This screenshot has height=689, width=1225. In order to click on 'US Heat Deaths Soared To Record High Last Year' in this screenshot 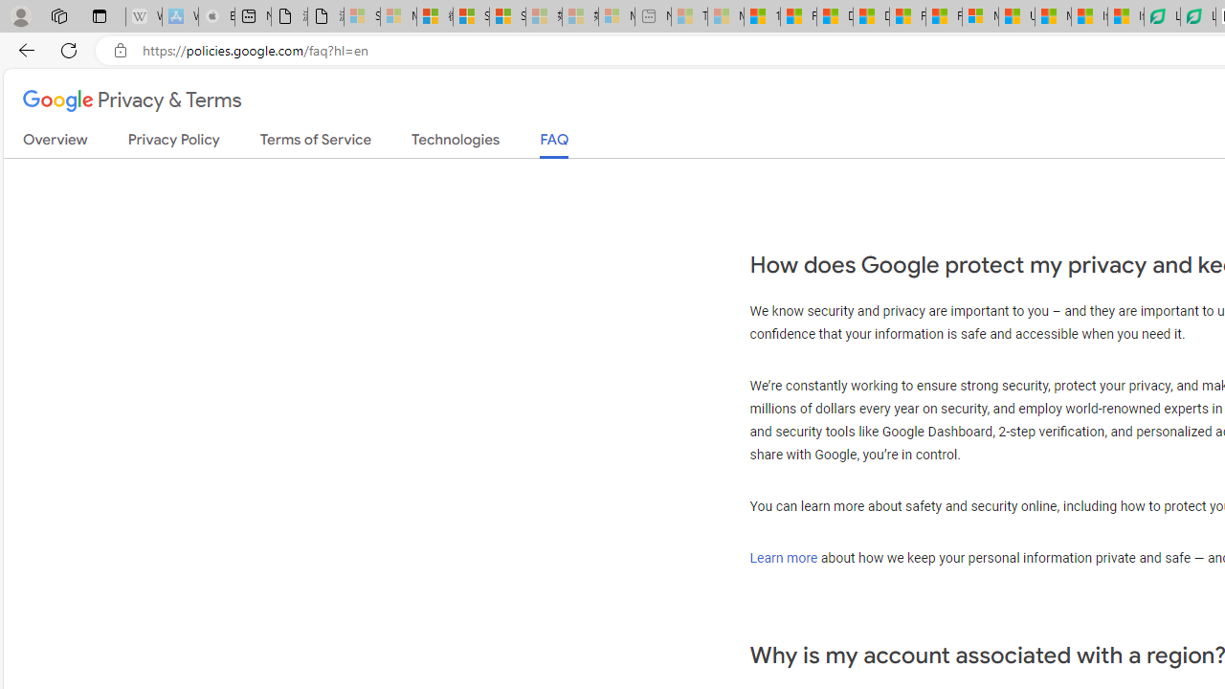, I will do `click(1016, 16)`.